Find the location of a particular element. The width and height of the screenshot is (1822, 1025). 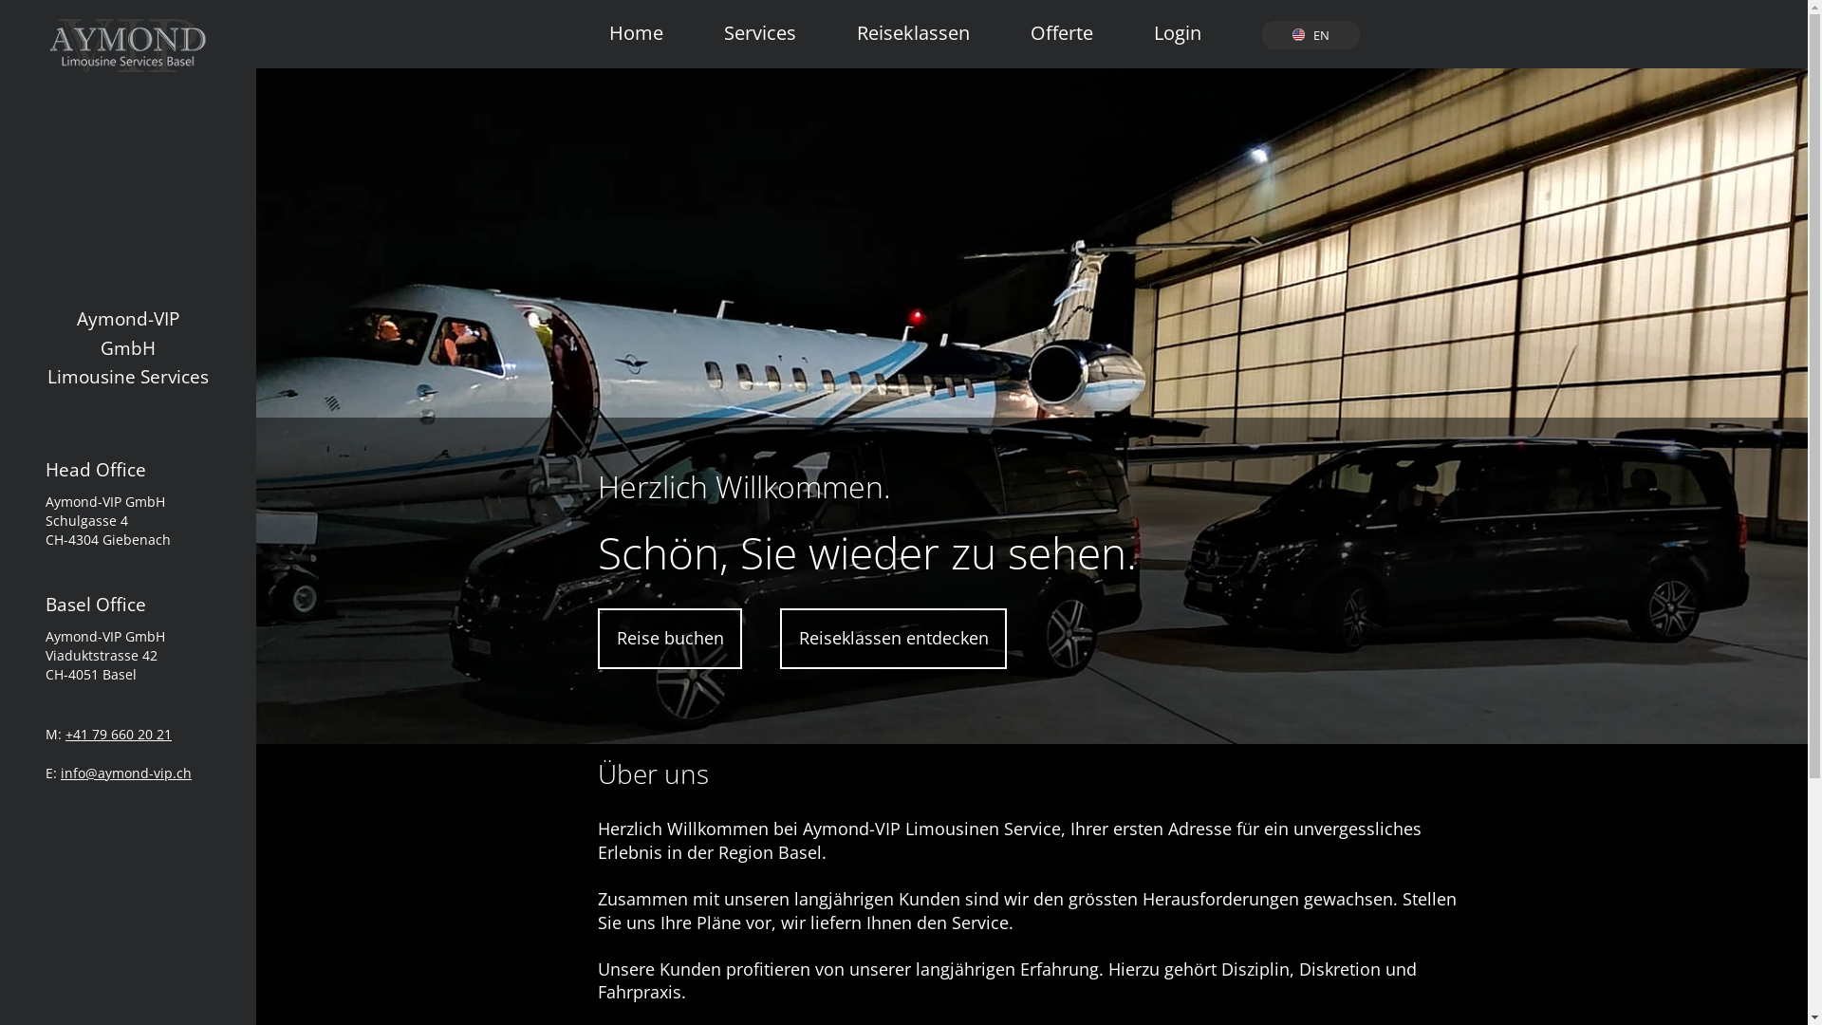

'EN' is located at coordinates (1310, 35).